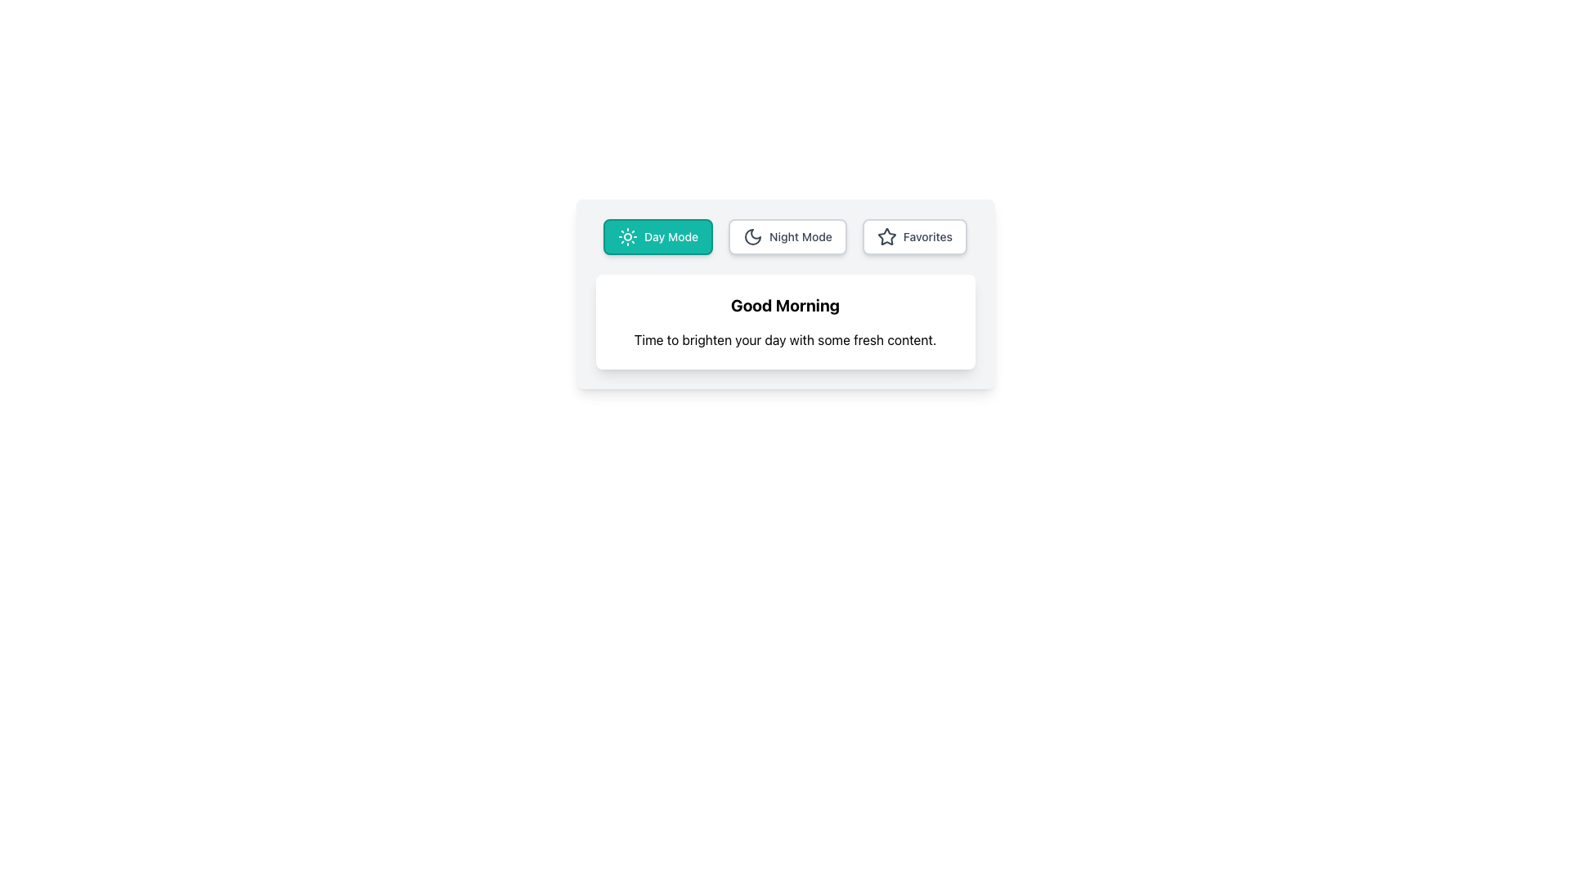  I want to click on the second button in a row of three buttons, located centrally towards the top section of the interface, so click(785, 236).